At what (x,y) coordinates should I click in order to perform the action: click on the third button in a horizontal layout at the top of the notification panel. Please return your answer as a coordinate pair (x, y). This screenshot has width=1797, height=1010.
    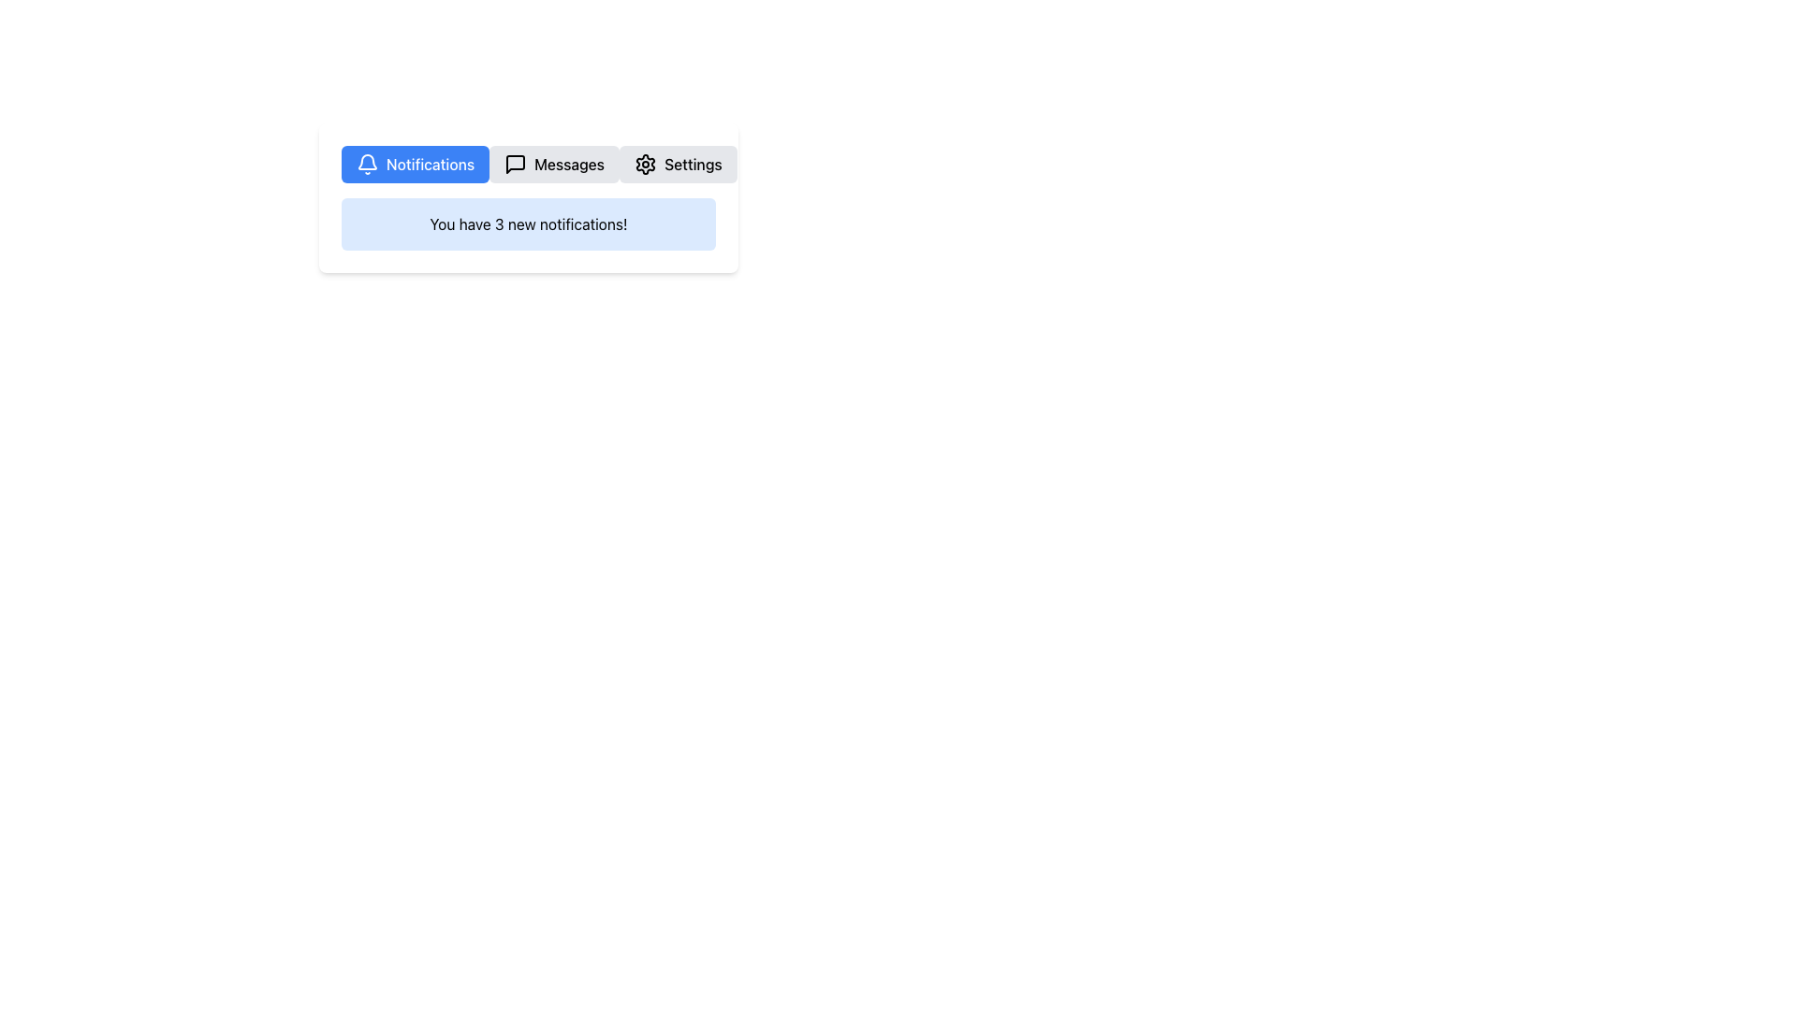
    Looking at the image, I should click on (677, 164).